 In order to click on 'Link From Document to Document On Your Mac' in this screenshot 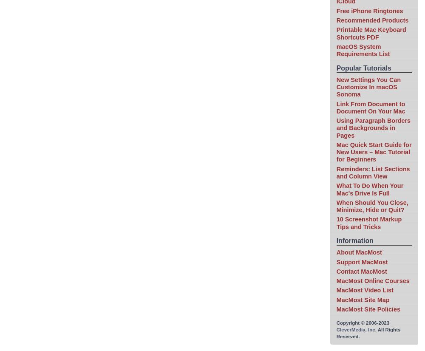, I will do `click(370, 107)`.